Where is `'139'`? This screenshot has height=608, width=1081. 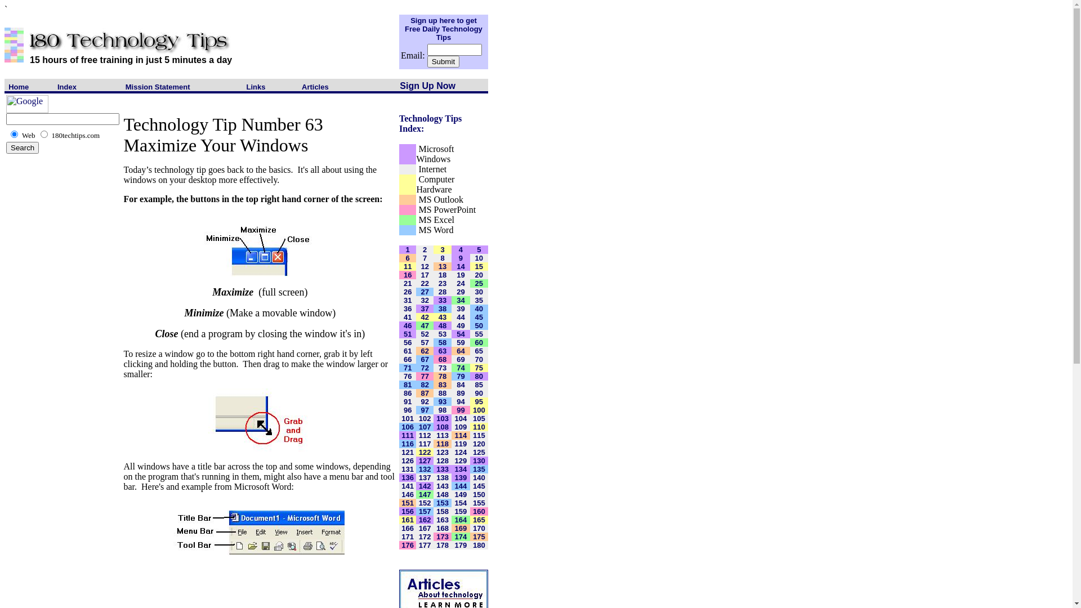
'139' is located at coordinates (461, 477).